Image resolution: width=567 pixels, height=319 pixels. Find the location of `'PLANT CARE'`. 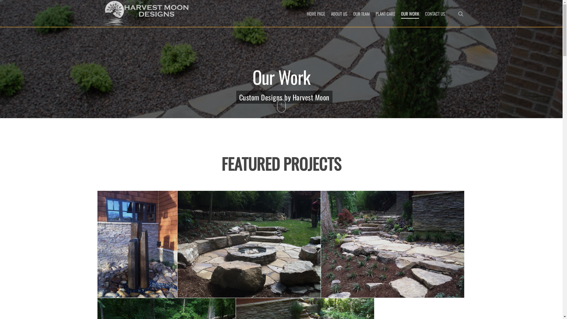

'PLANT CARE' is located at coordinates (385, 13).